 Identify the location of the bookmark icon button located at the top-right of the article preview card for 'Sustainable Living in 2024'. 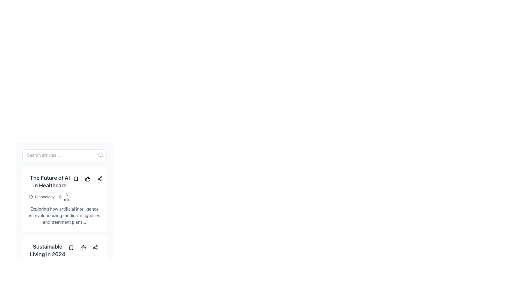
(71, 247).